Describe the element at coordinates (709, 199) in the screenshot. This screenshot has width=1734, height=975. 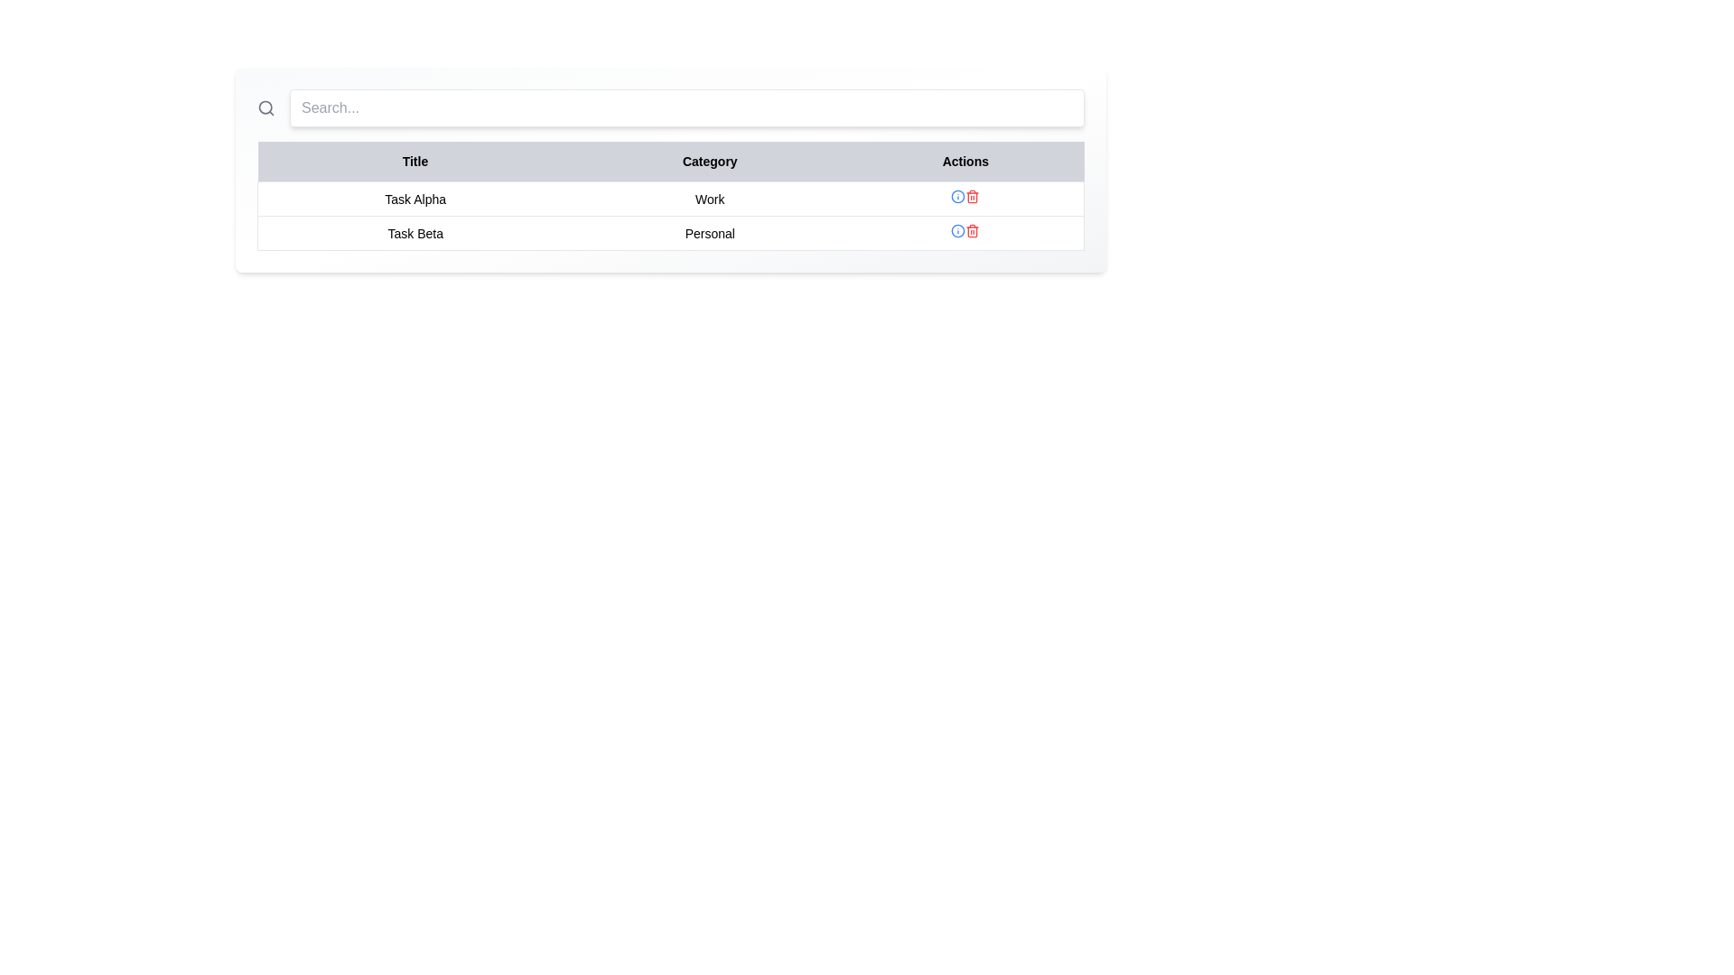
I see `the 'Work' text label element in the 'Category' column of the first row of the table` at that location.